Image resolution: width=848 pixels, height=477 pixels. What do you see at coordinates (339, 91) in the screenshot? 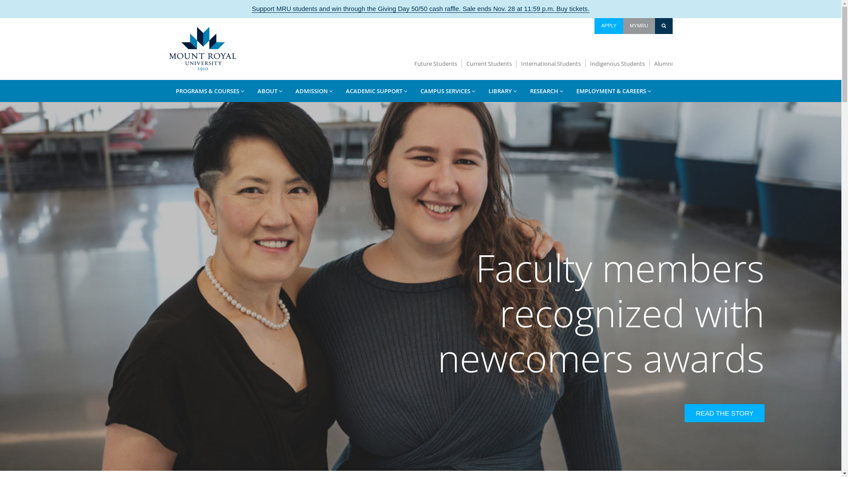
I see `'ACADEMIC SUPPORT'` at bounding box center [339, 91].